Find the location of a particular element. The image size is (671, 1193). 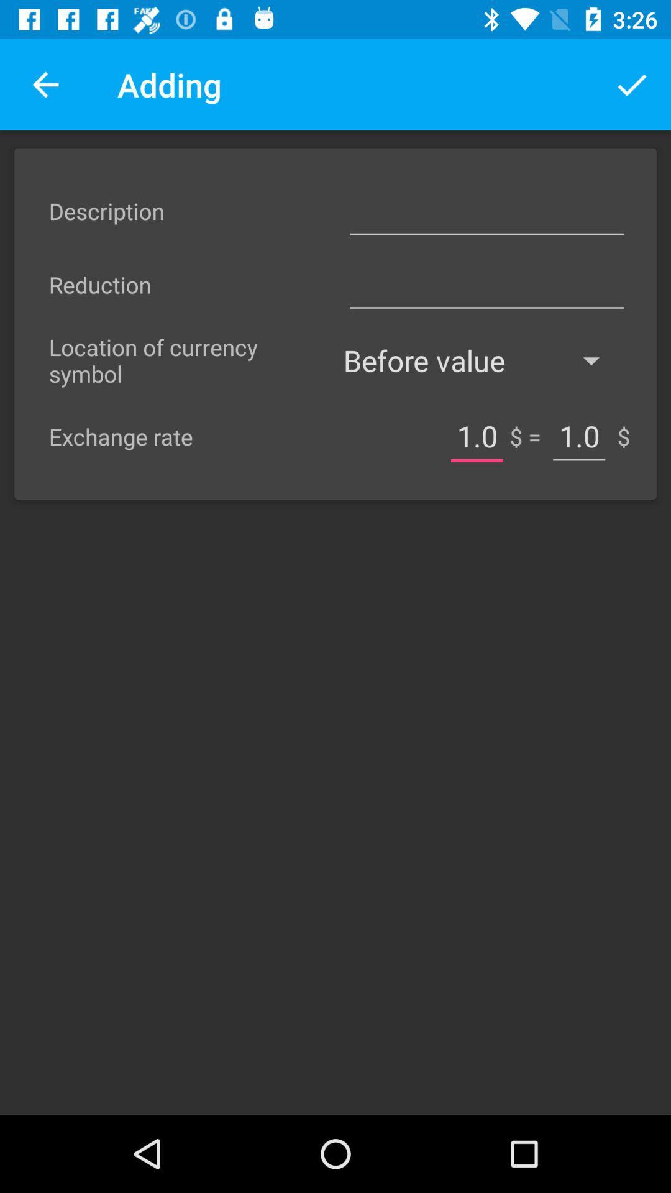

type in description is located at coordinates (486, 211).